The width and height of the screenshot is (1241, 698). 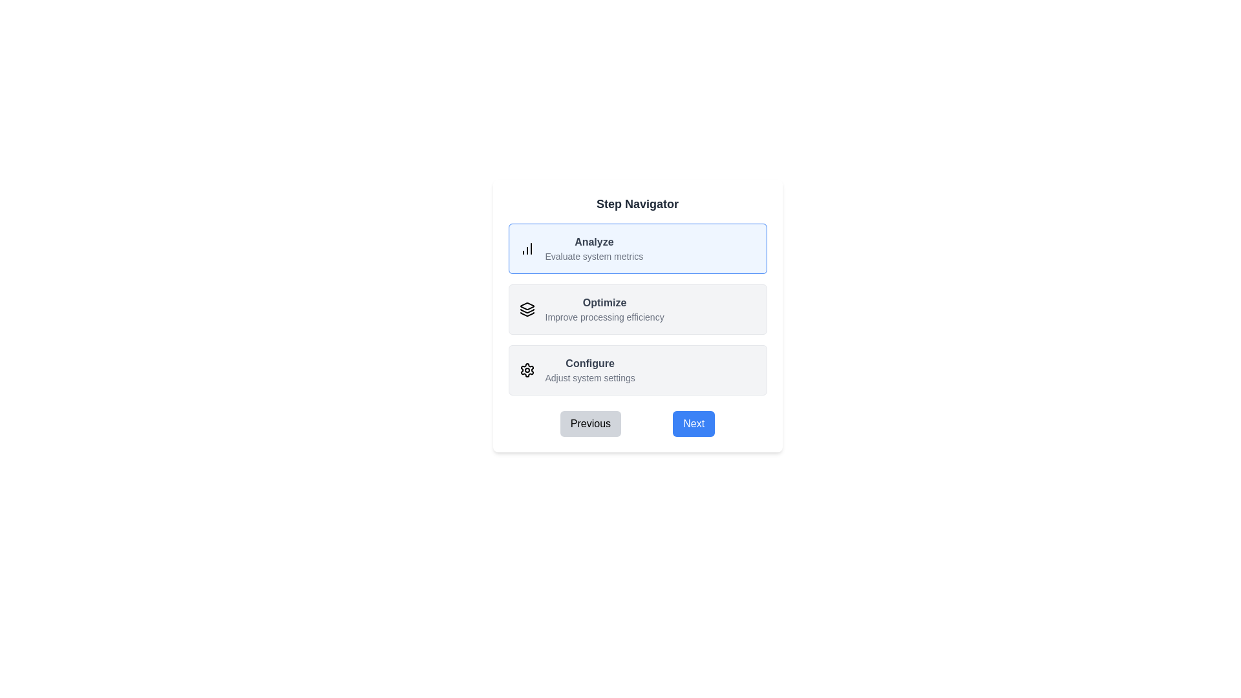 What do you see at coordinates (604, 317) in the screenshot?
I see `the static text displaying 'Improve processing efficiency', which is located below the 'Optimize' label in a card-like area` at bounding box center [604, 317].